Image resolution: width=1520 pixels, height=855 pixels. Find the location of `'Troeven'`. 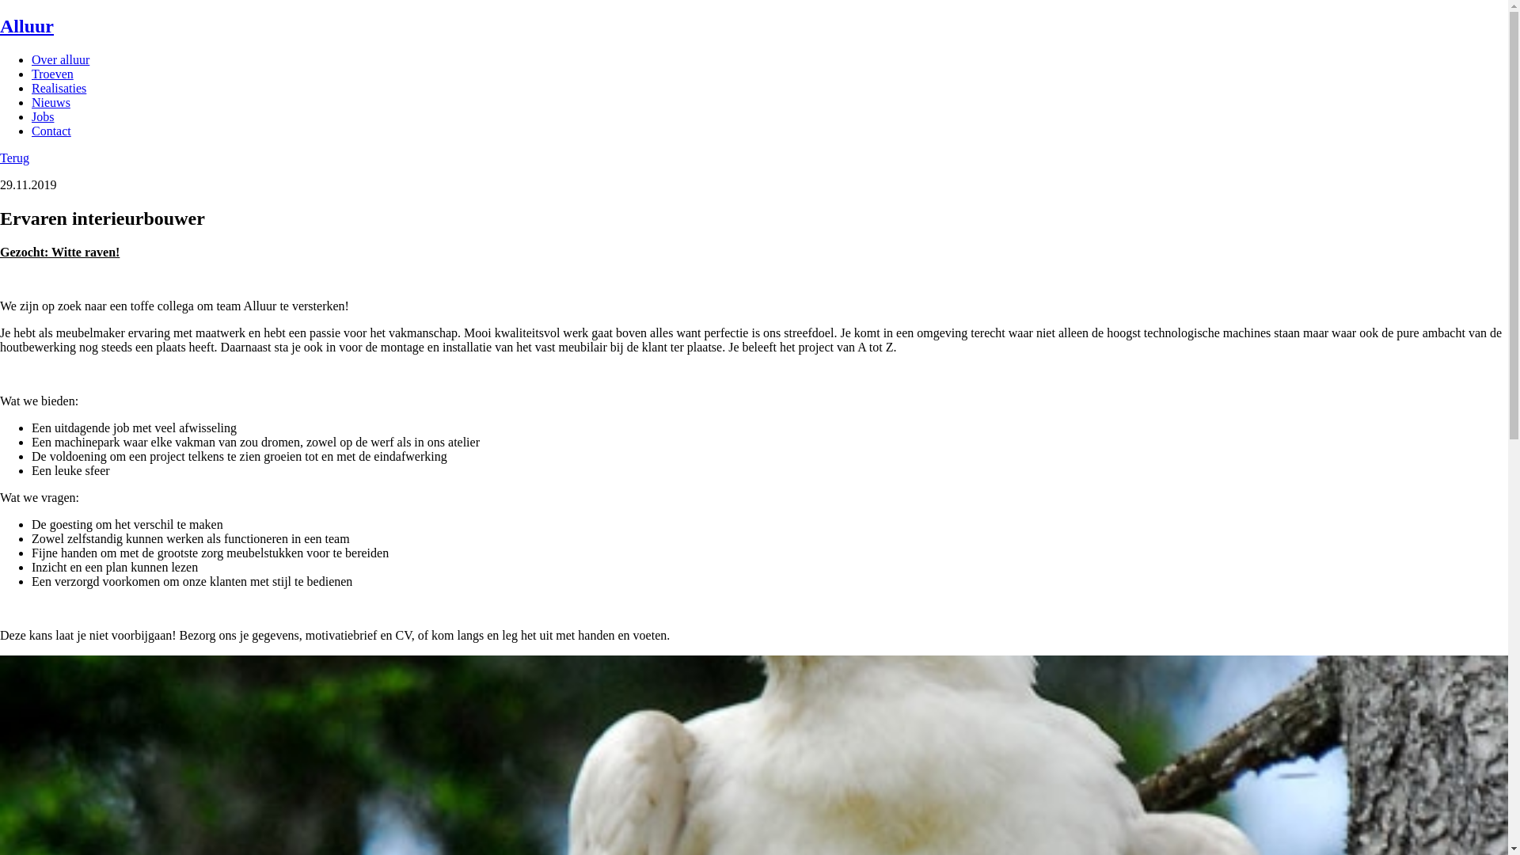

'Troeven' is located at coordinates (31, 74).